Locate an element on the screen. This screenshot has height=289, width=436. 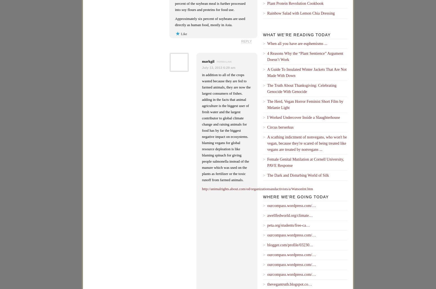
'When all you have are euphemisms ...' is located at coordinates (297, 43).